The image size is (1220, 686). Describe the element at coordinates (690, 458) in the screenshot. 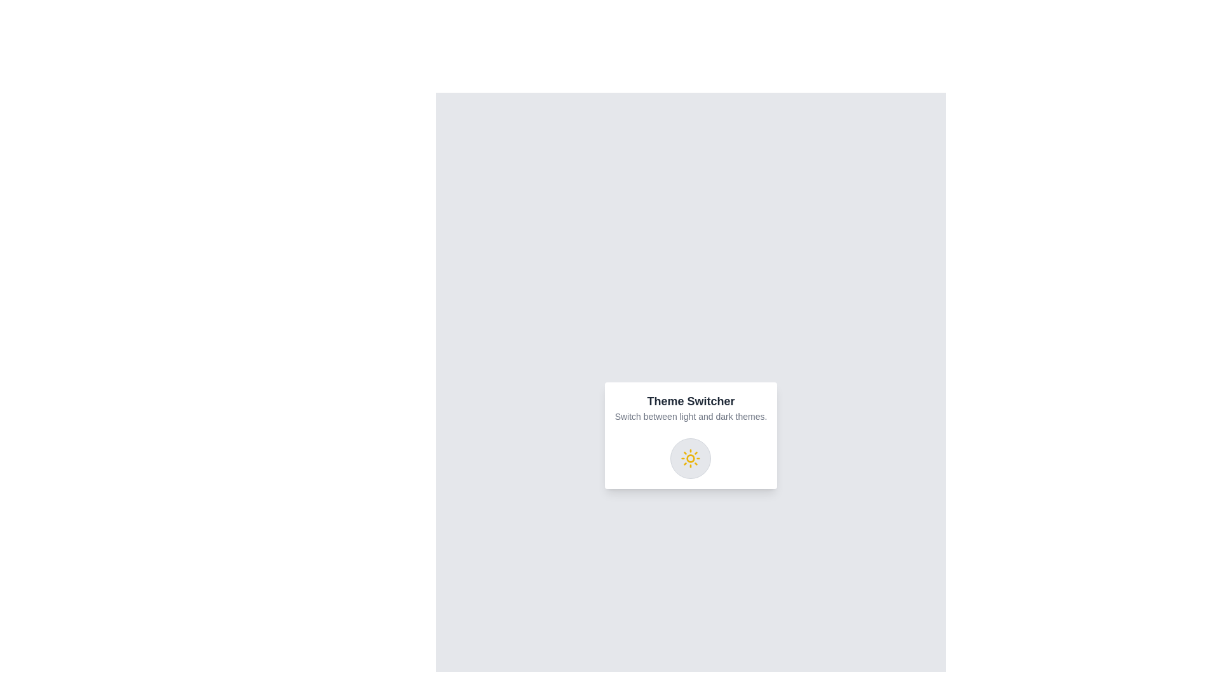

I see `the circular button with a sun icon located at the bottom of the 'Theme Switcher' card` at that location.